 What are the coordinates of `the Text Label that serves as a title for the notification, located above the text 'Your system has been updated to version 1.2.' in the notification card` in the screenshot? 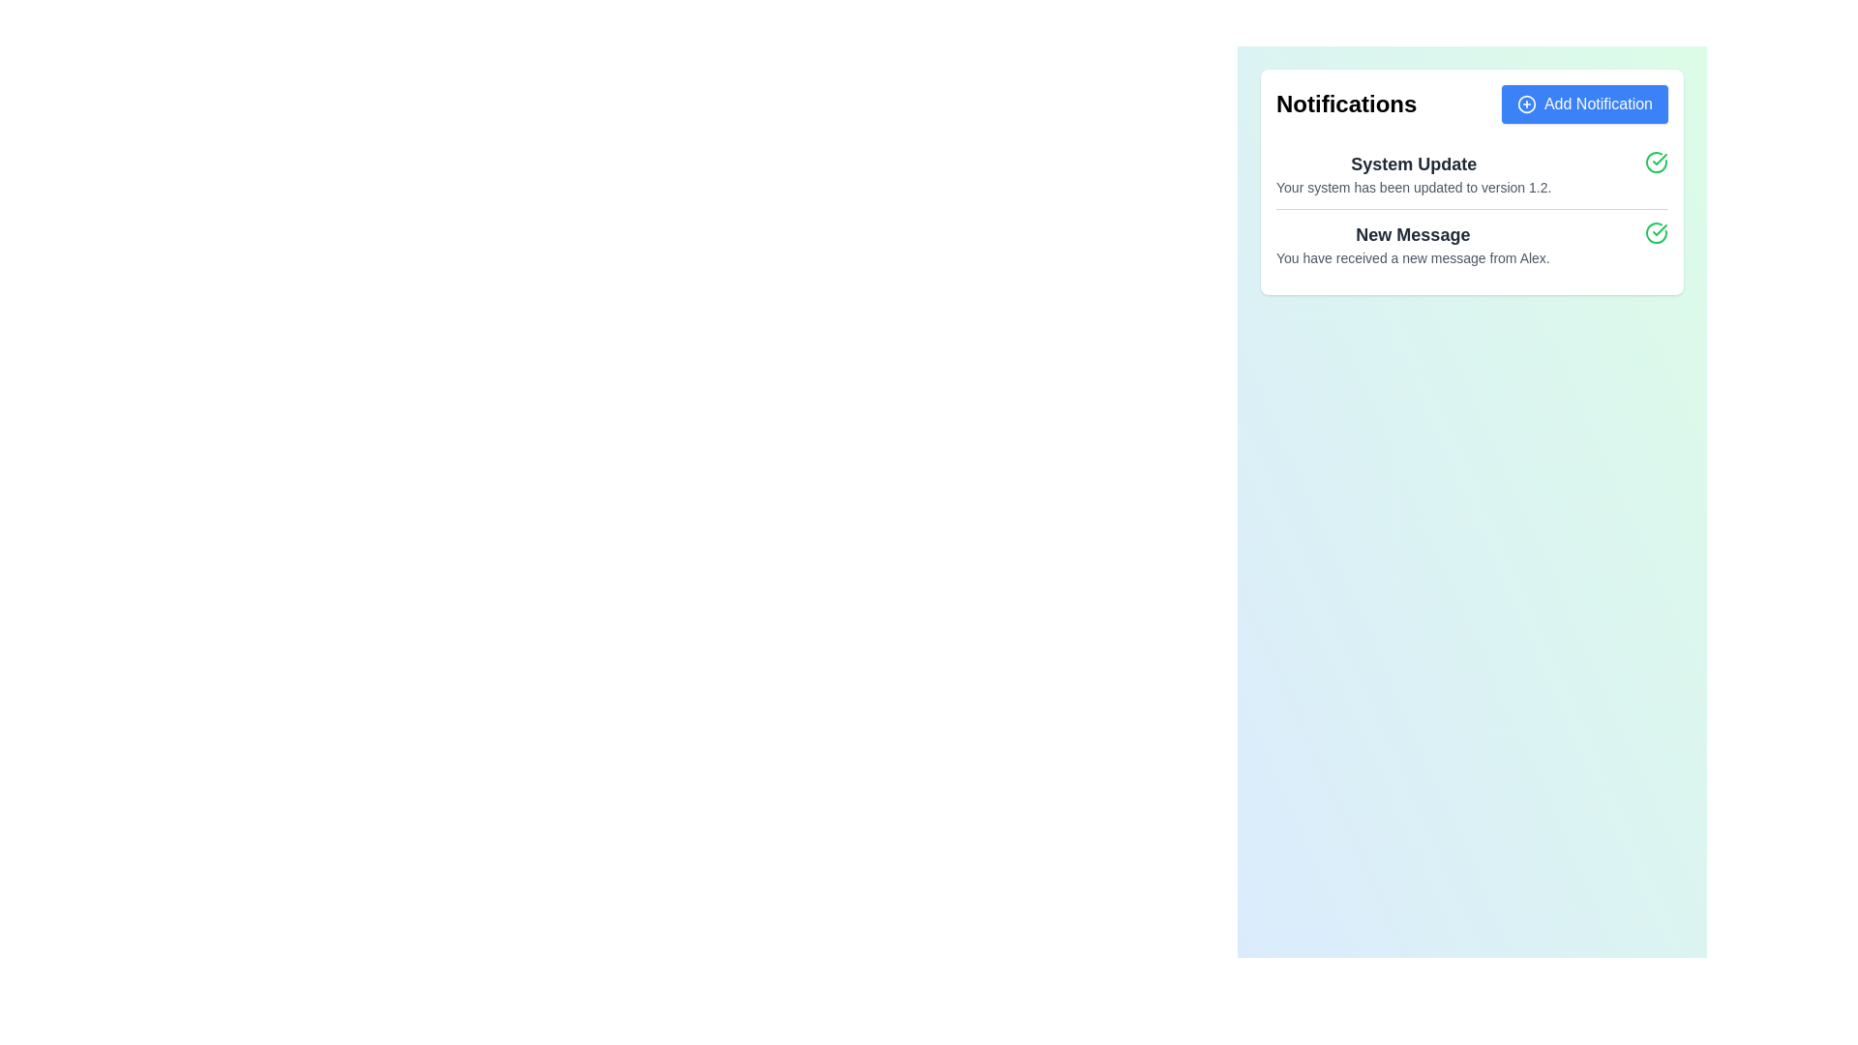 It's located at (1414, 163).